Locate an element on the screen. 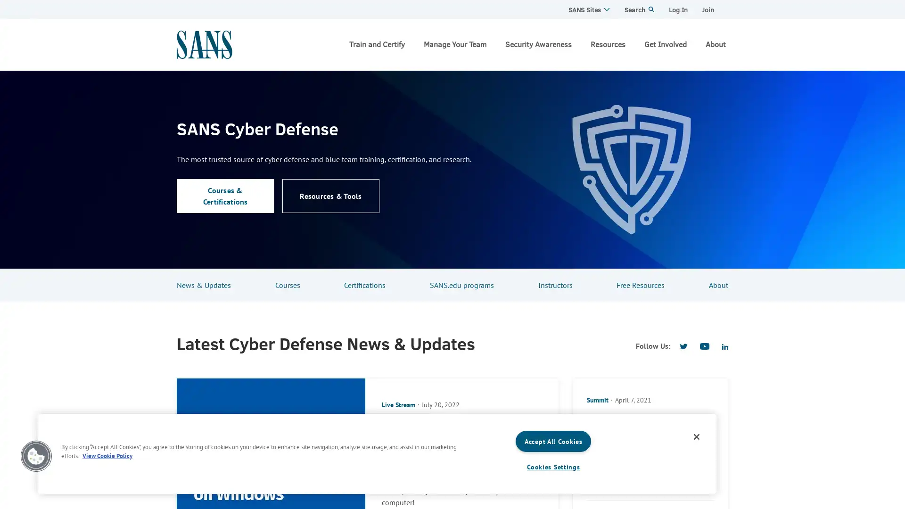 The height and width of the screenshot is (509, 905). Close is located at coordinates (697, 436).